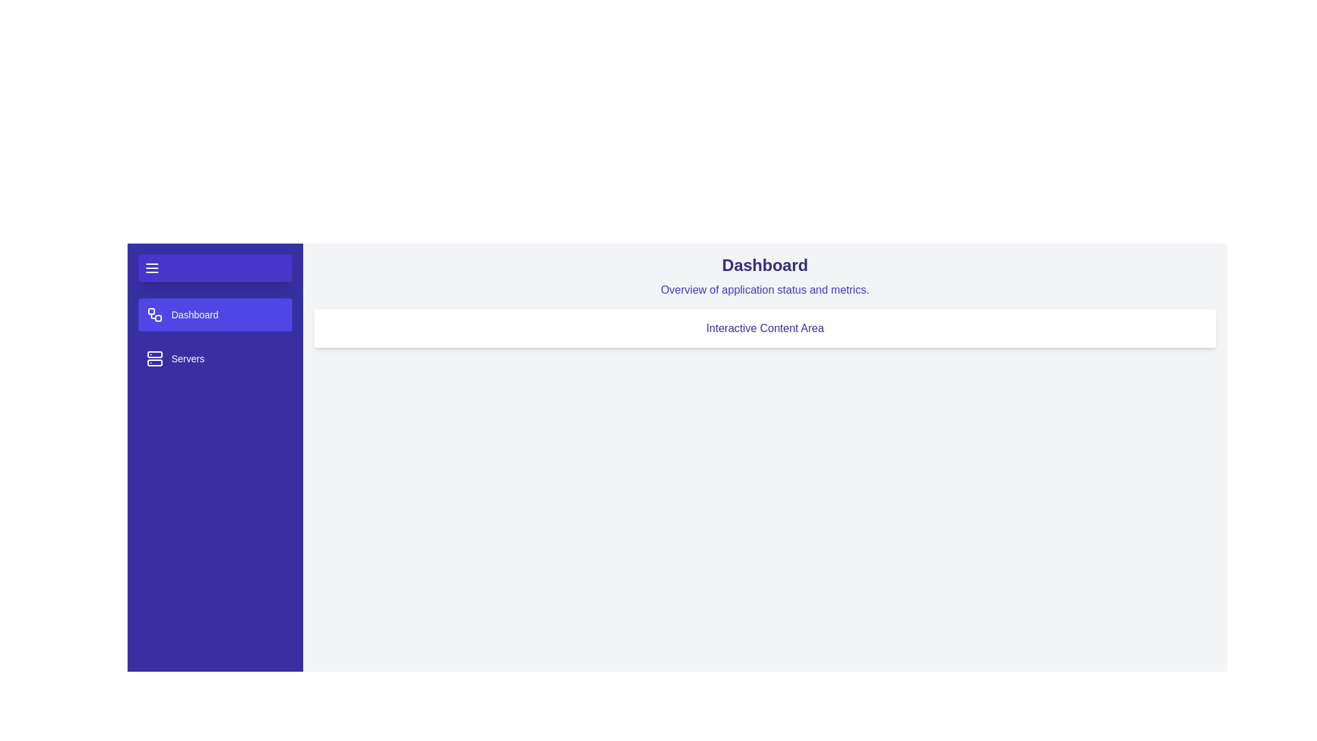 This screenshot has height=741, width=1317. Describe the element at coordinates (214, 358) in the screenshot. I see `the menu item labeled 'Servers' to update the main content area` at that location.